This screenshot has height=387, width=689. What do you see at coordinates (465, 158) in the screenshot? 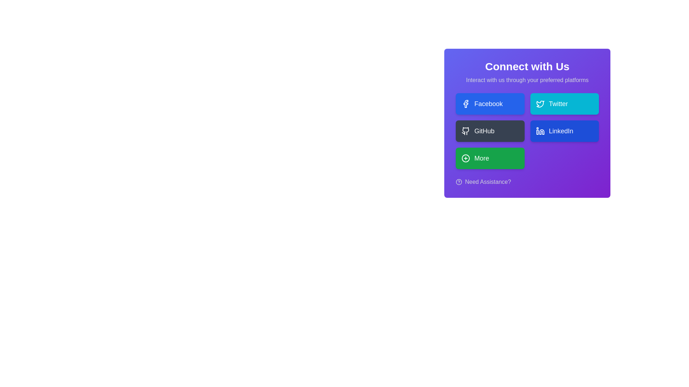
I see `the 'circle-plus' icon located within the green rectangular button labeled 'More' in the bottom row of buttons` at bounding box center [465, 158].